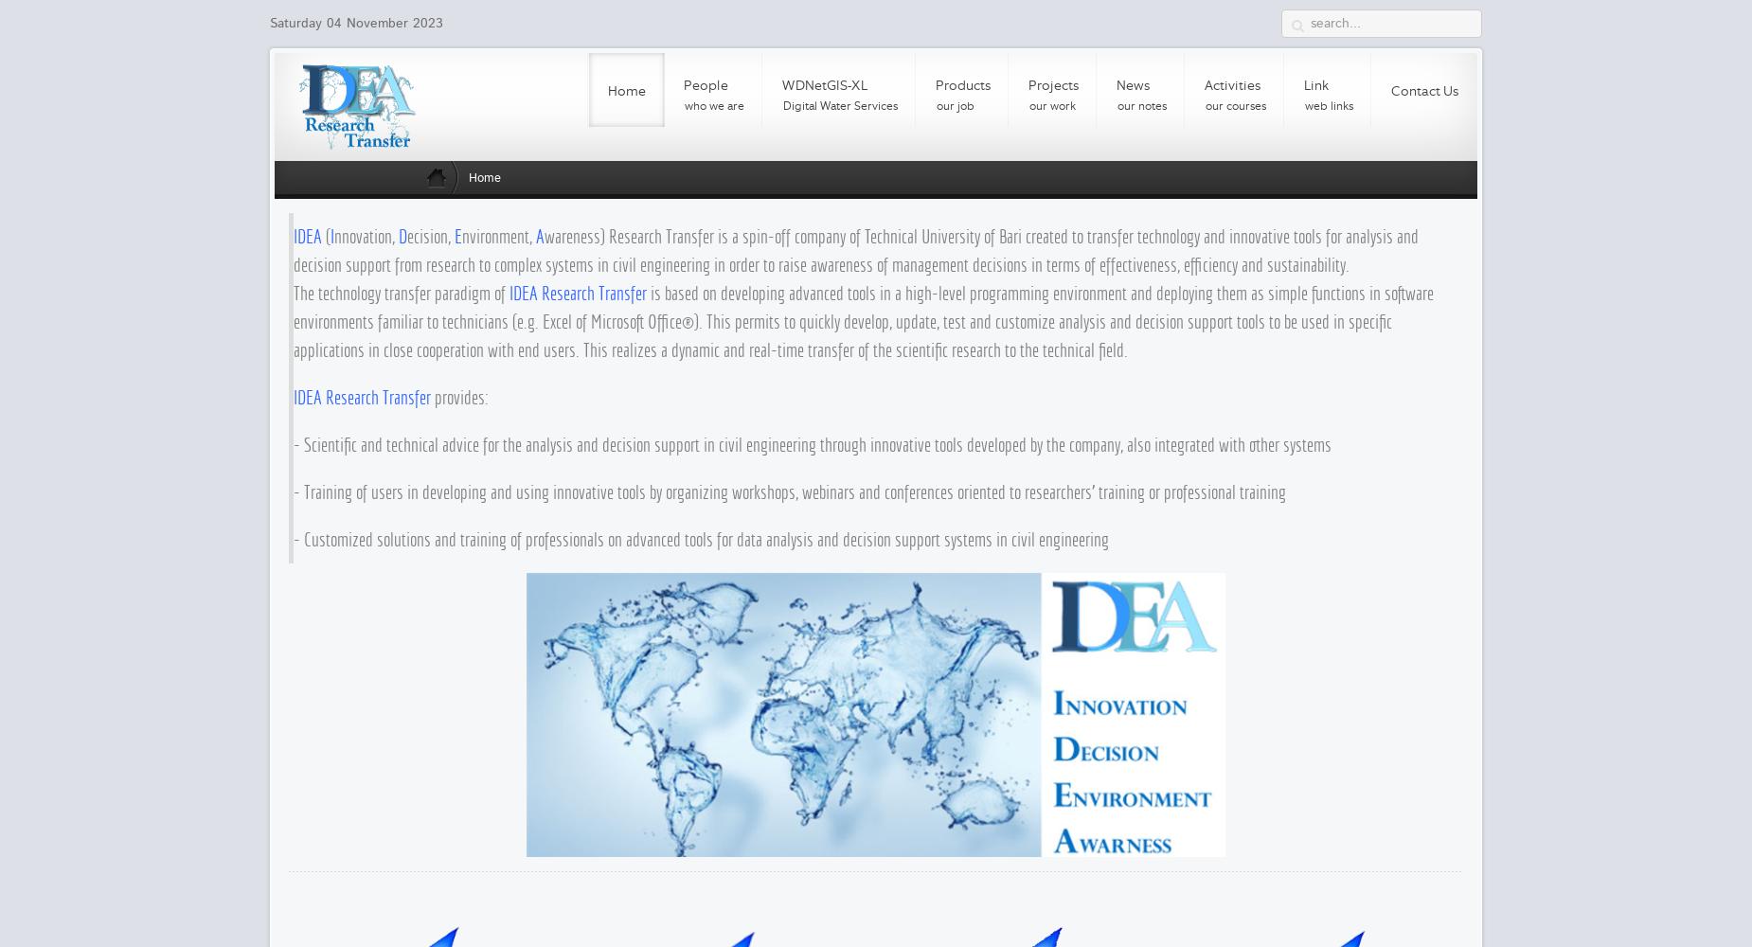 The width and height of the screenshot is (1752, 947). What do you see at coordinates (307, 235) in the screenshot?
I see `'IDEA'` at bounding box center [307, 235].